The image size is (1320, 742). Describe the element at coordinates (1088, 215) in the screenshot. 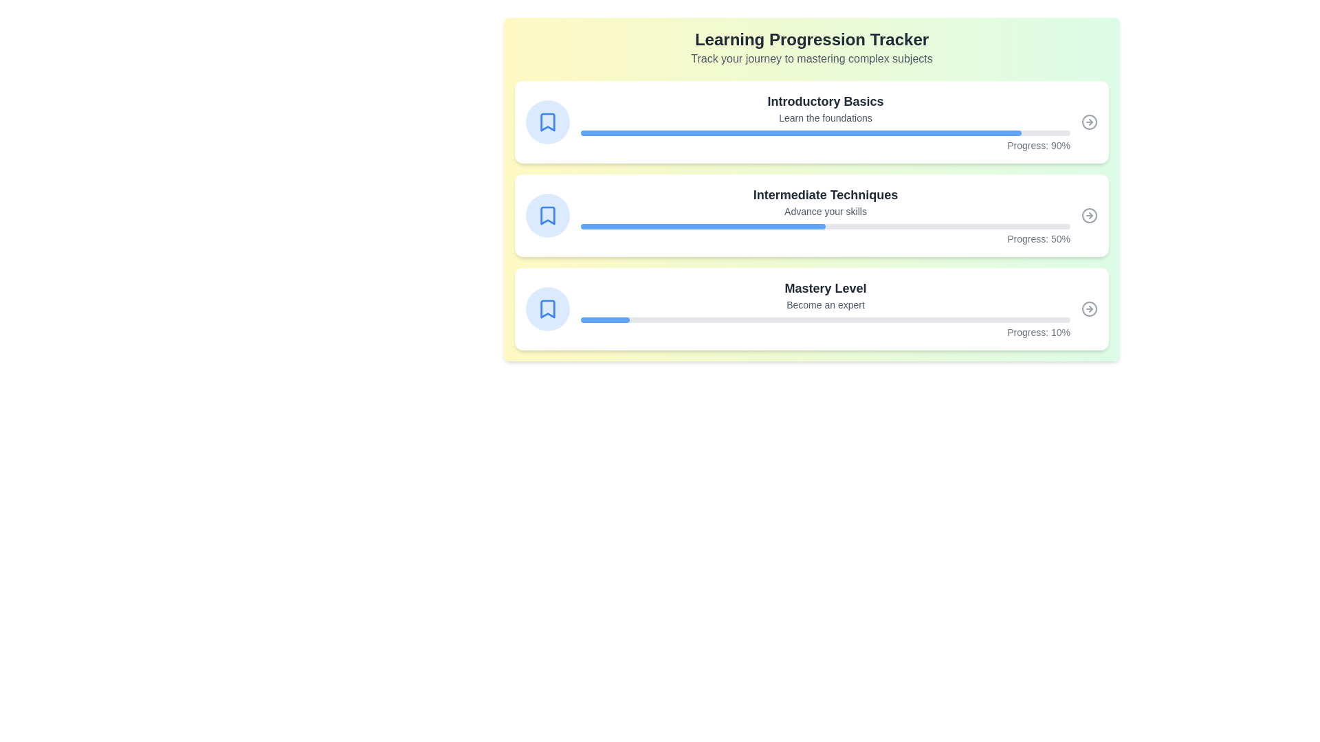

I see `the Circular navigation icon located at the far right inside the 'Intermediate Techniques' item` at that location.